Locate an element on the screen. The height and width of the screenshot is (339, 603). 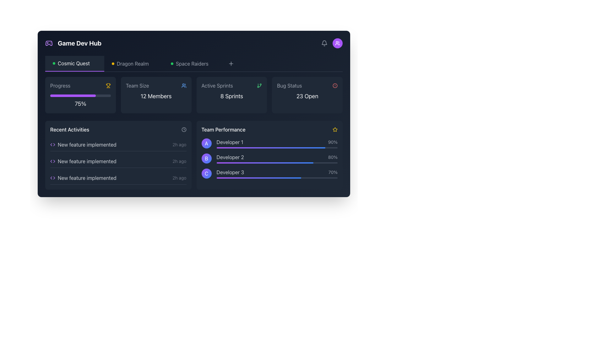
the second entry in the 'Recent Activities' list labeled 'New feature implemented' is located at coordinates (118, 161).